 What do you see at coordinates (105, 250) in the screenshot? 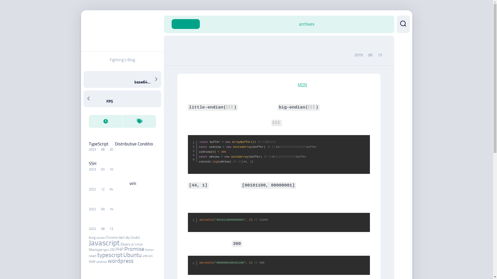
I see `'nginx'` at bounding box center [105, 250].